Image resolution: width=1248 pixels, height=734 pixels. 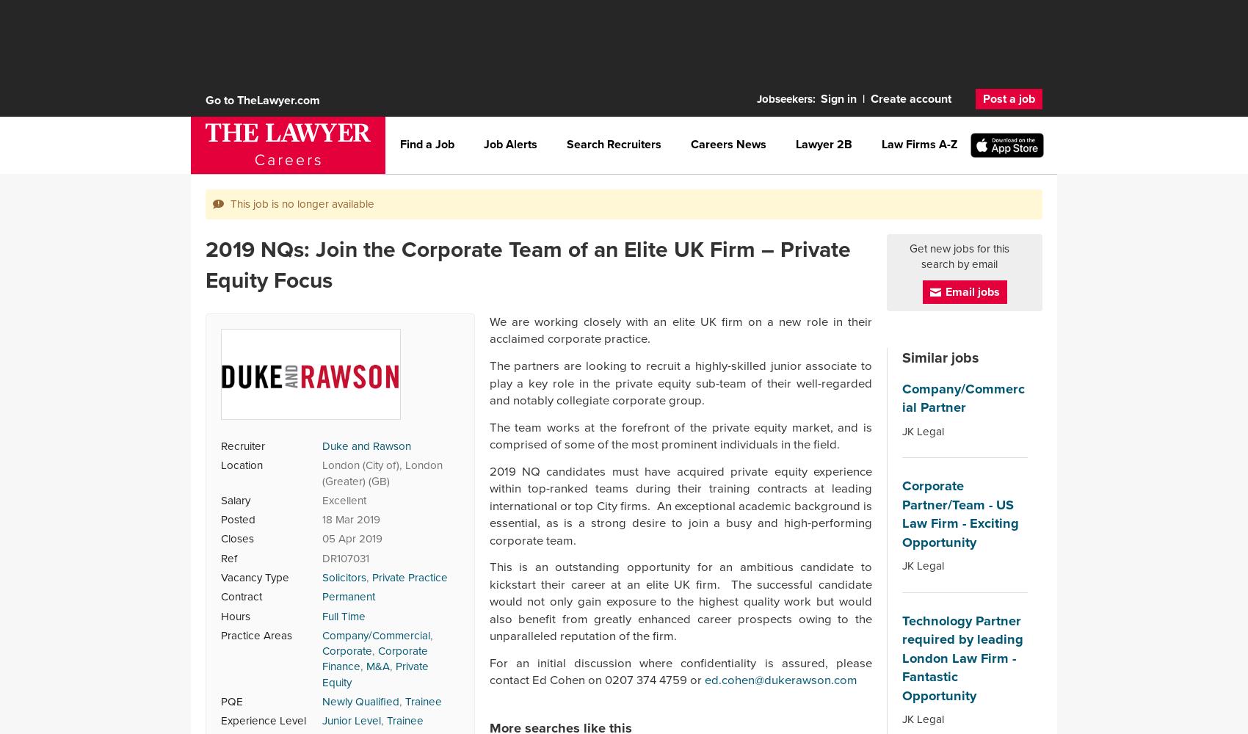 I want to click on 'Technology Partner required by leading London Law Firm - Fantastic Opportunity', so click(x=962, y=657).